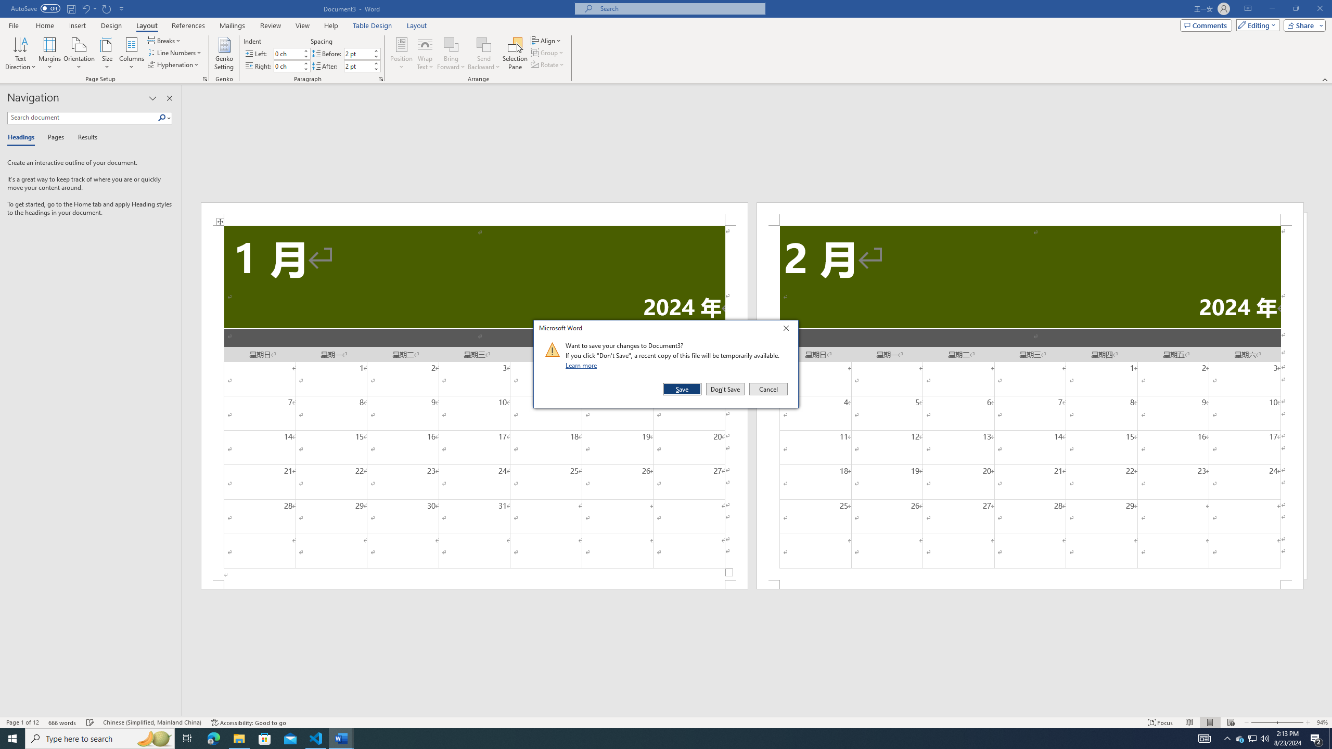 The image size is (1332, 749). Describe the element at coordinates (85, 8) in the screenshot. I see `'Undo Increase Indent'` at that location.